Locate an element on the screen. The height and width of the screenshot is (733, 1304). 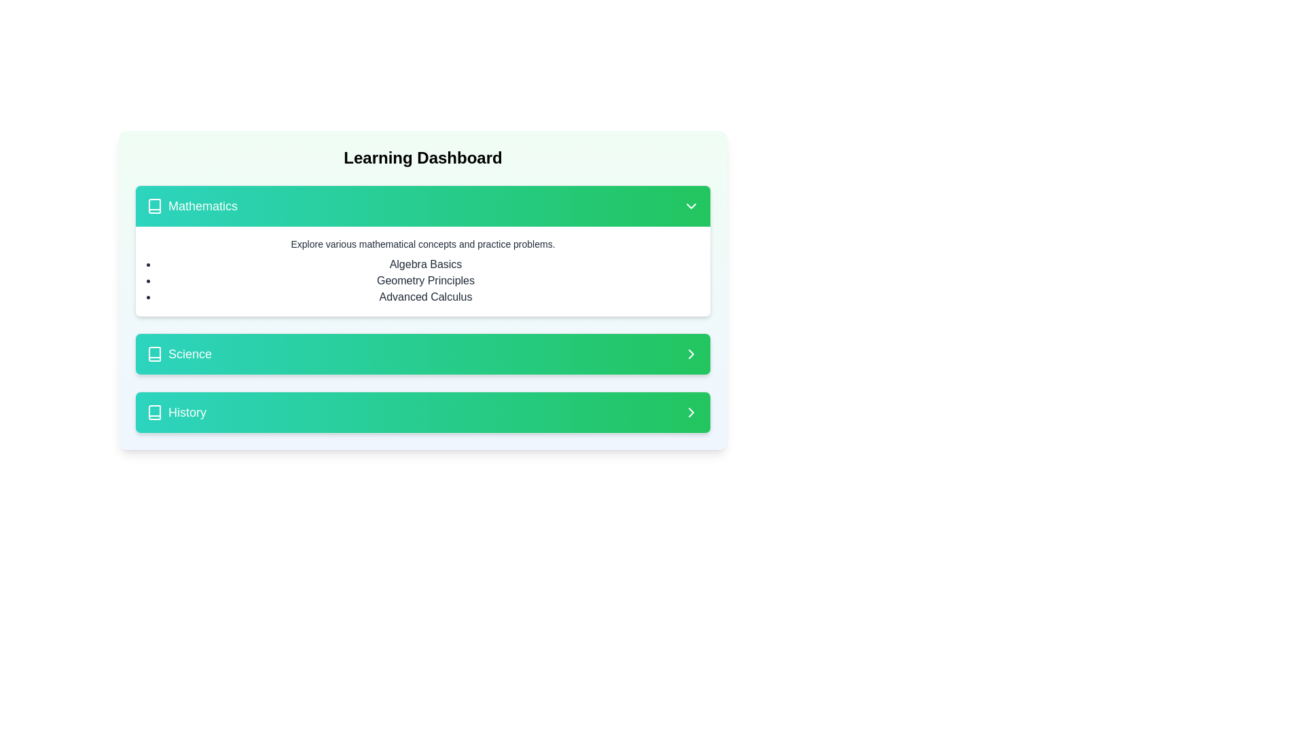
the right-pointing Chevron icon located in the 'History' section of the Learning Dashboard is located at coordinates (691, 412).